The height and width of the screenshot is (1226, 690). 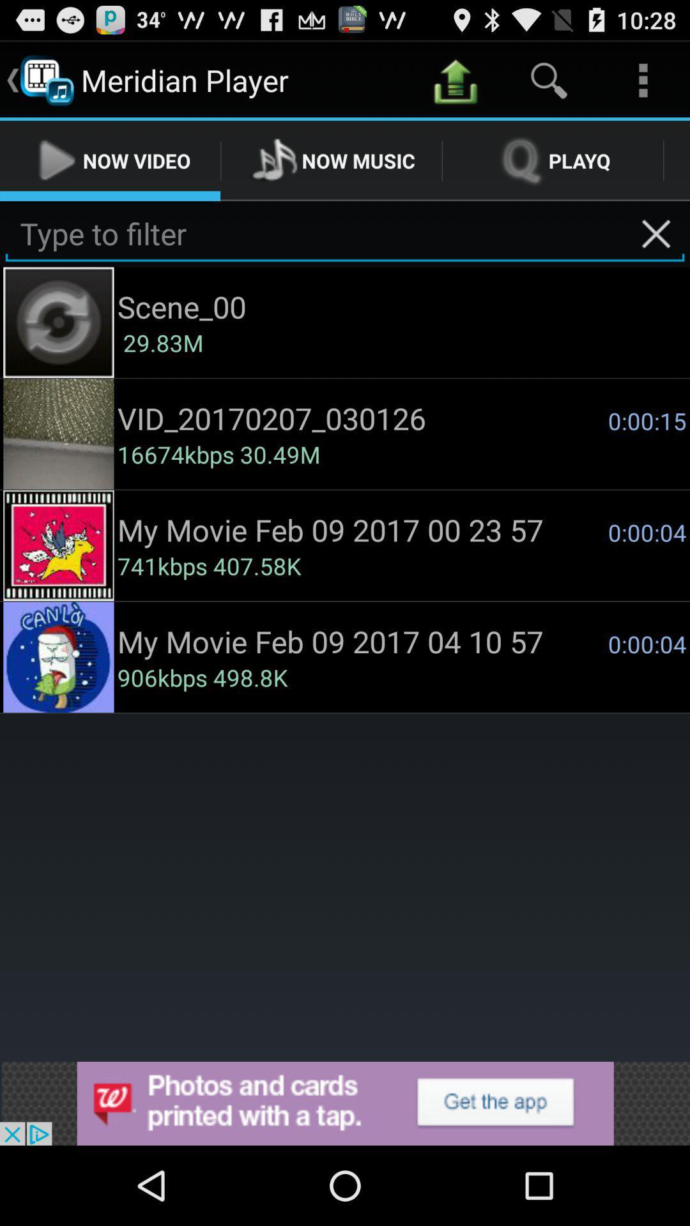 What do you see at coordinates (345, 234) in the screenshot?
I see `type to fliter` at bounding box center [345, 234].